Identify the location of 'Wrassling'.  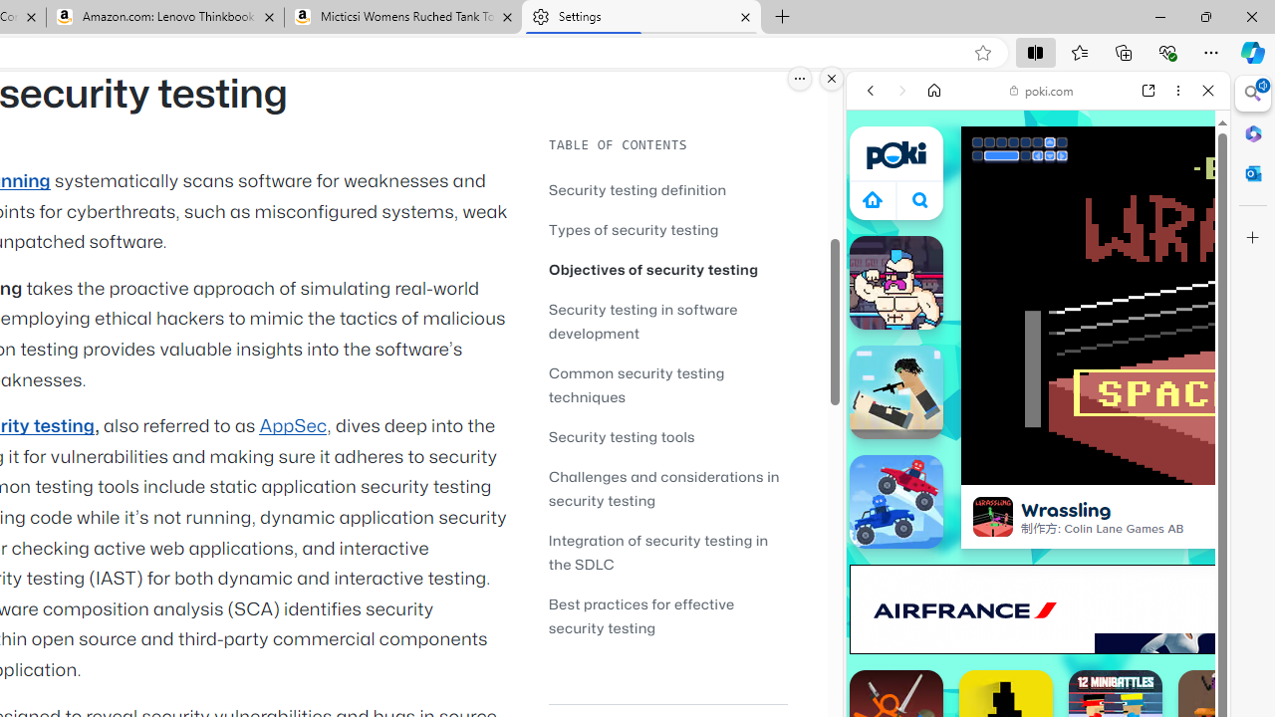
(993, 516).